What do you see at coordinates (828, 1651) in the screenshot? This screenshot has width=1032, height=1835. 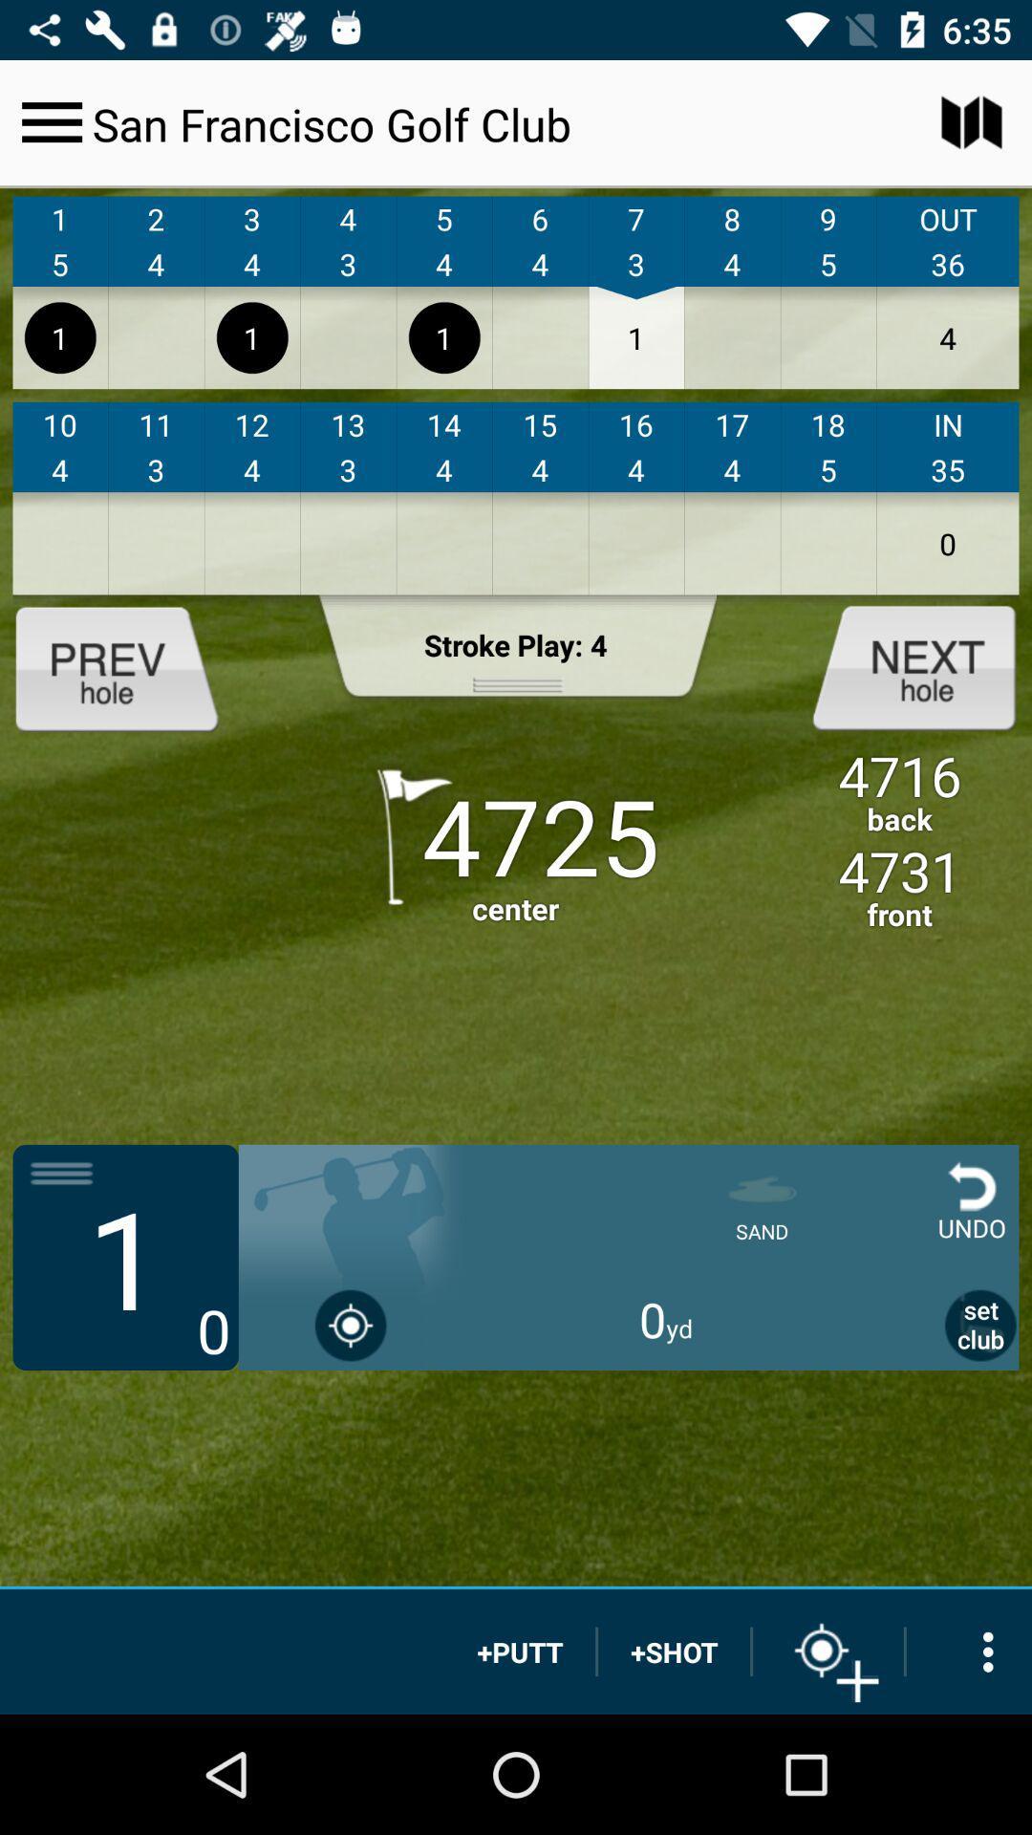 I see `the location_crosshair icon` at bounding box center [828, 1651].